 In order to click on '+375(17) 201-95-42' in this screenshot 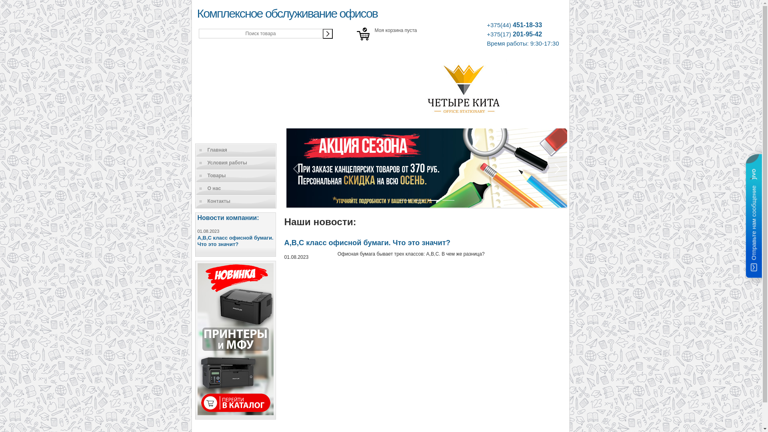, I will do `click(486, 34)`.